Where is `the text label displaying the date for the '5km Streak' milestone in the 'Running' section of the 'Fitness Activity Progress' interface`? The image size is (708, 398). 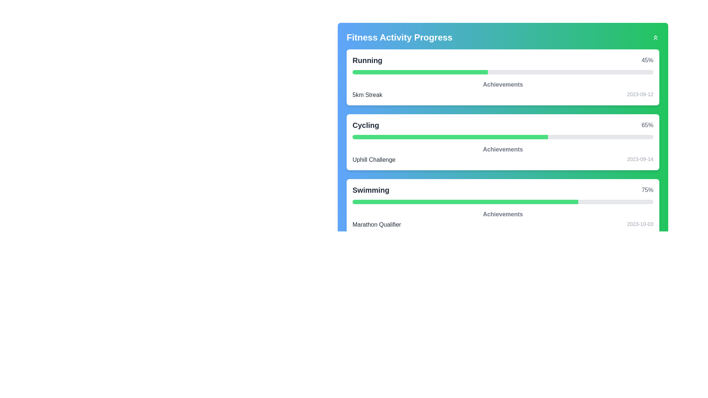
the text label displaying the date for the '5km Streak' milestone in the 'Running' section of the 'Fitness Activity Progress' interface is located at coordinates (640, 95).